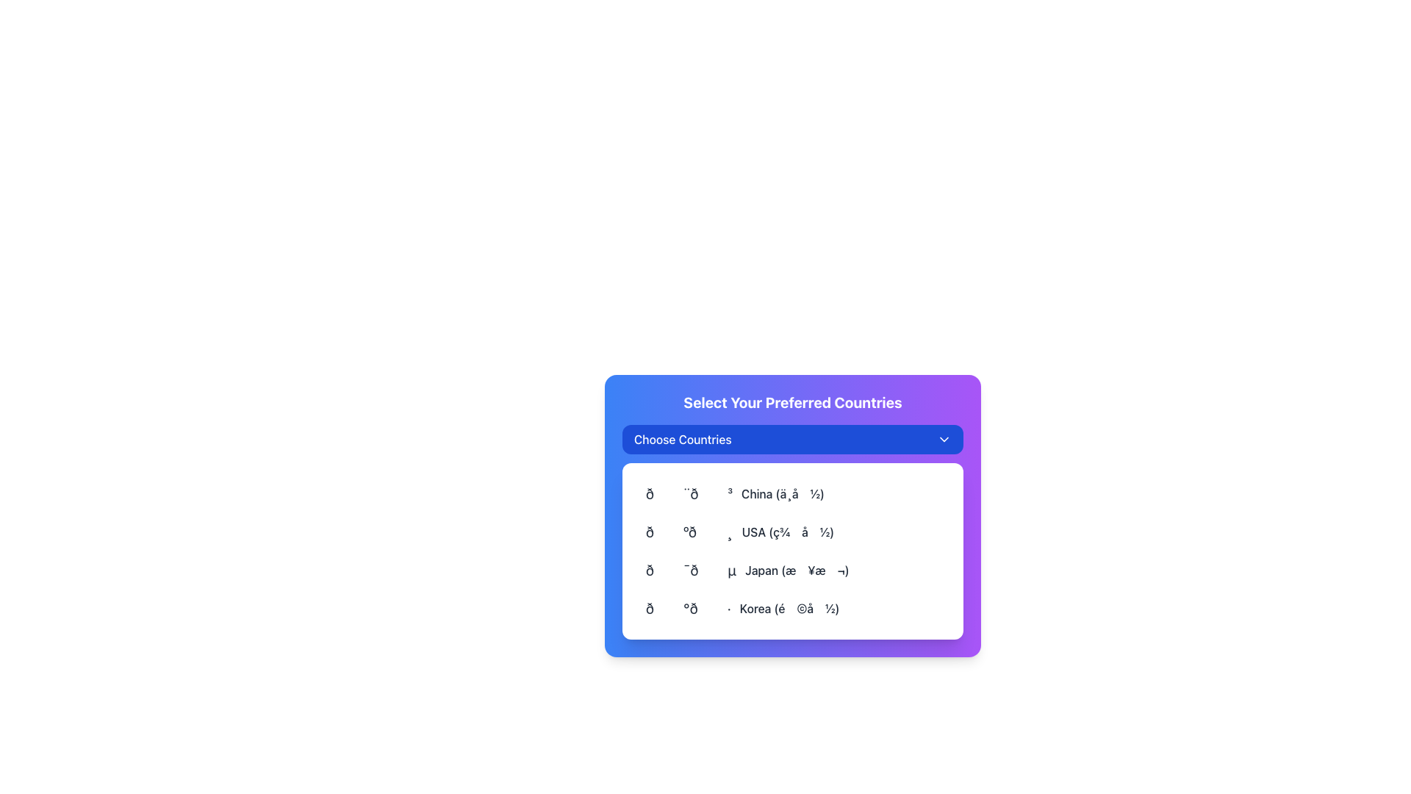 The height and width of the screenshot is (794, 1411). Describe the element at coordinates (792, 532) in the screenshot. I see `the second row in the dropdown list containing the emoji flag and the text 'USA (美国)'` at that location.